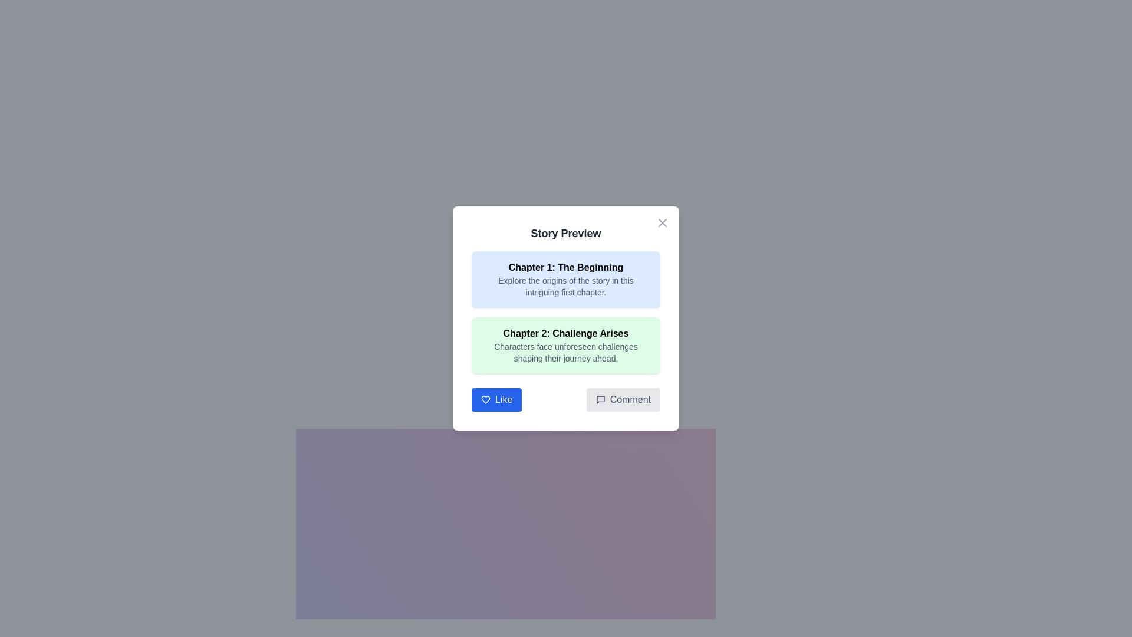  Describe the element at coordinates (600, 399) in the screenshot. I see `the 'Comment' button icon located at the bottom right corner of the dialog box` at that location.